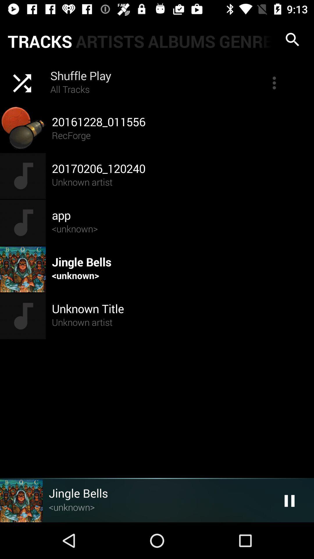 The width and height of the screenshot is (314, 559). Describe the element at coordinates (289, 500) in the screenshot. I see `the pause button at right bottom corner` at that location.